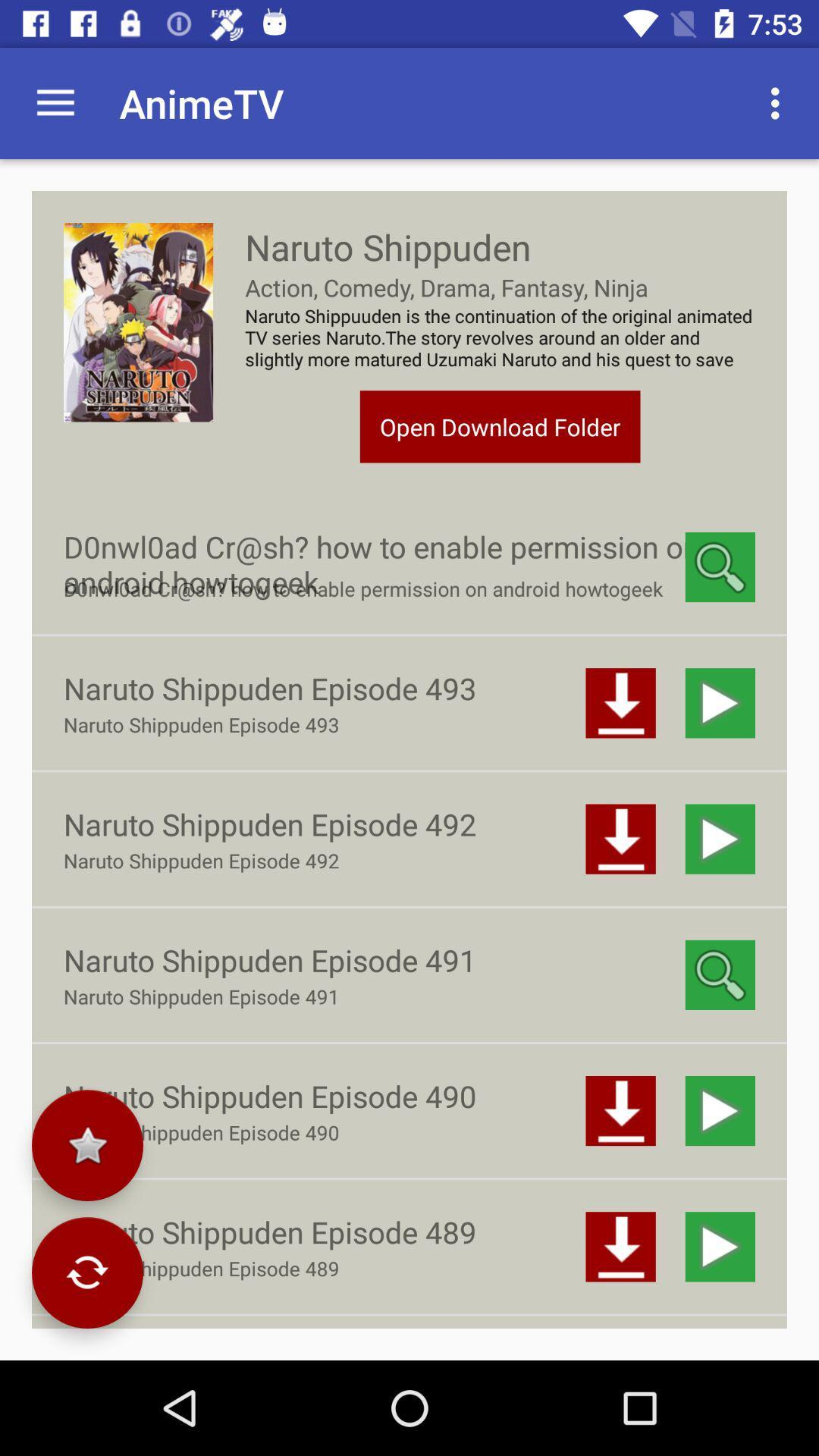 This screenshot has height=1456, width=819. What do you see at coordinates (779, 102) in the screenshot?
I see `the item next to animetv app` at bounding box center [779, 102].